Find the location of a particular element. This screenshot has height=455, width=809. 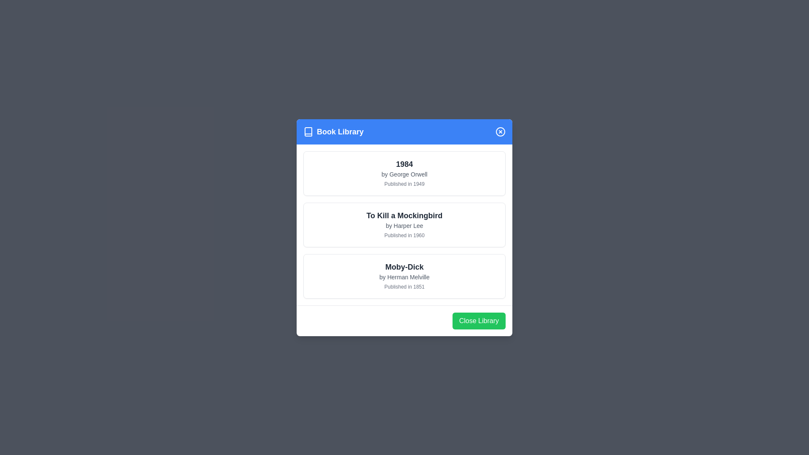

the book card To Kill a Mockingbird to observe the shadow effect is located at coordinates (404, 224).